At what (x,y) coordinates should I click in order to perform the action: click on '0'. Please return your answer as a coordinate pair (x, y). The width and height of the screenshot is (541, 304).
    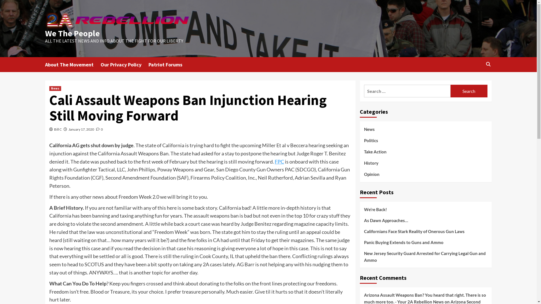
    Looking at the image, I should click on (99, 129).